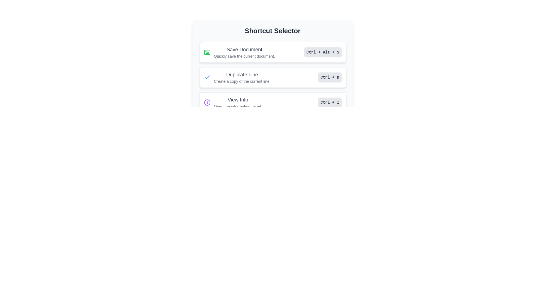 The image size is (535, 301). What do you see at coordinates (244, 56) in the screenshot?
I see `descriptive text element located immediately beneath the heading 'Save Document', which provides additional details about the save function` at bounding box center [244, 56].